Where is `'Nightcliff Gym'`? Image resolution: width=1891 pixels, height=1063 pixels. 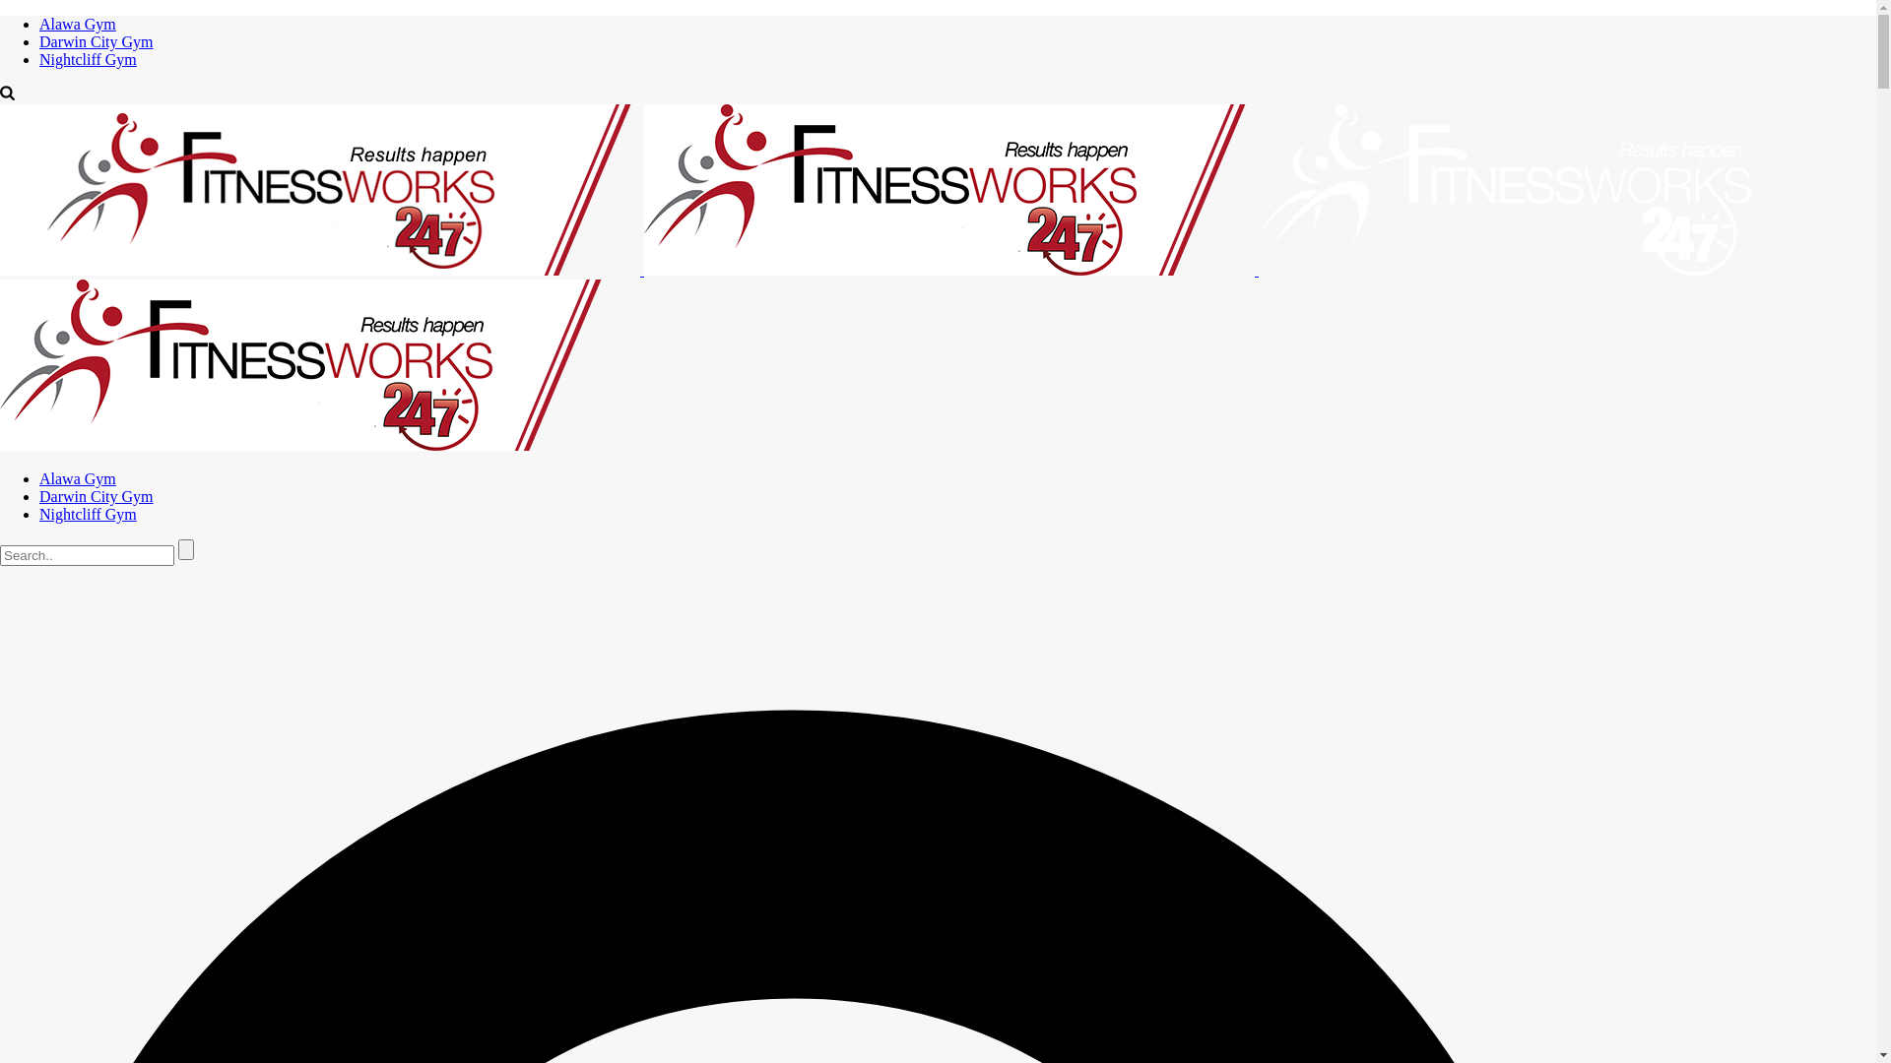
'Nightcliff Gym' is located at coordinates (87, 513).